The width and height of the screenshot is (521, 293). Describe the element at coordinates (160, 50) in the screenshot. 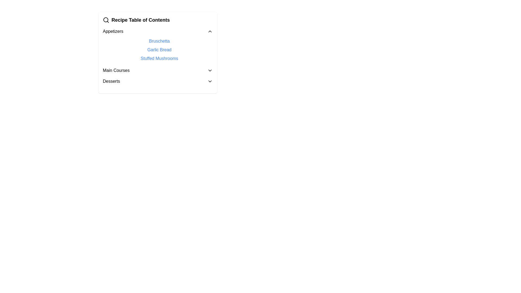

I see `the blue, underlined hyperlink labeled 'Garlic Bread' located in the 'Appetizers' section of the Recipe Table of Contents` at that location.